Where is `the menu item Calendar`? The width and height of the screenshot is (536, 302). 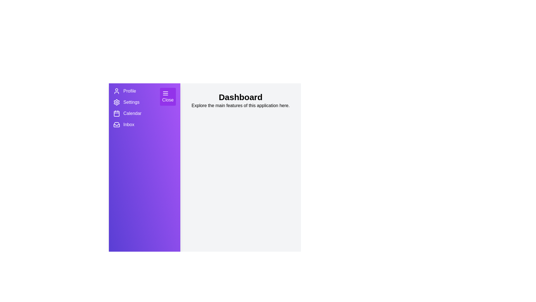 the menu item Calendar is located at coordinates (116, 113).